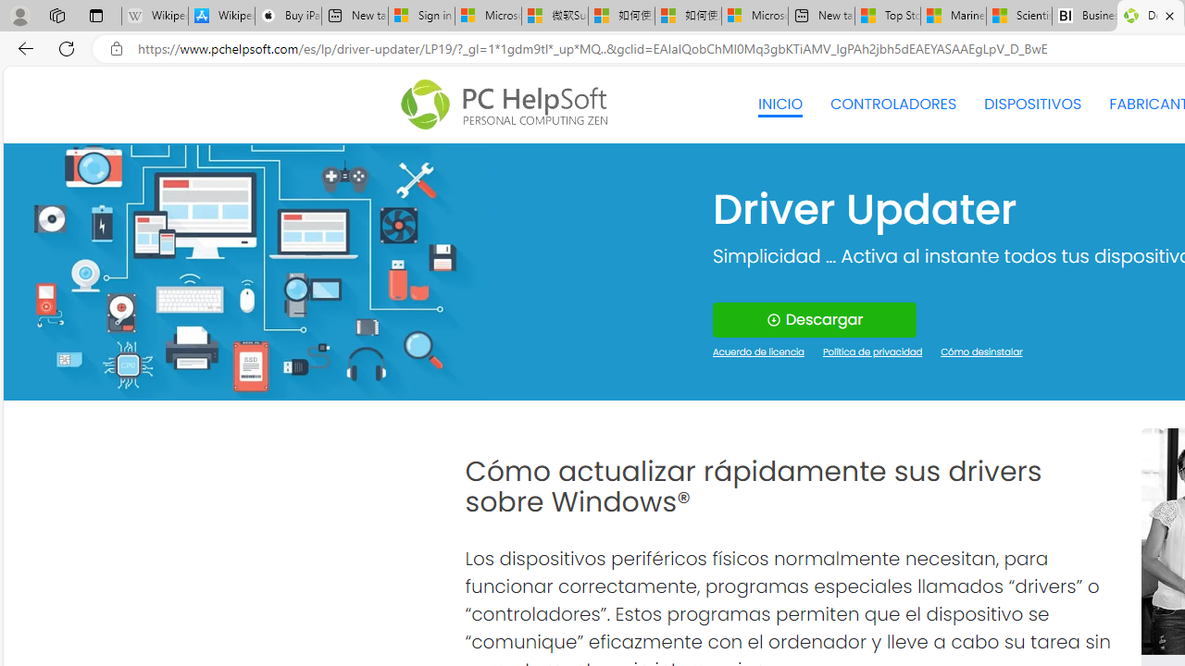 This screenshot has width=1185, height=666. I want to click on 'Microsoft account | Account Checkup', so click(755, 16).